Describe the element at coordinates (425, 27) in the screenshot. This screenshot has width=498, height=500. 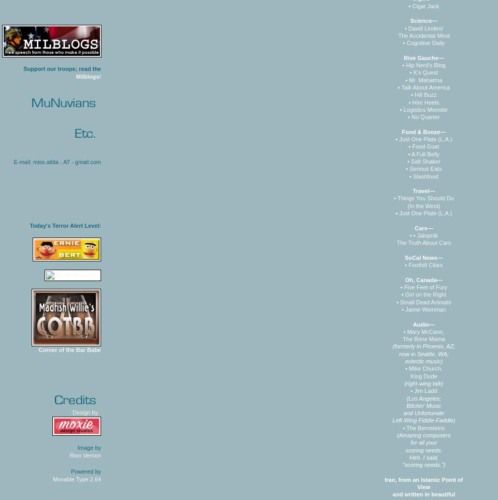
I see `'David Linden/'` at that location.